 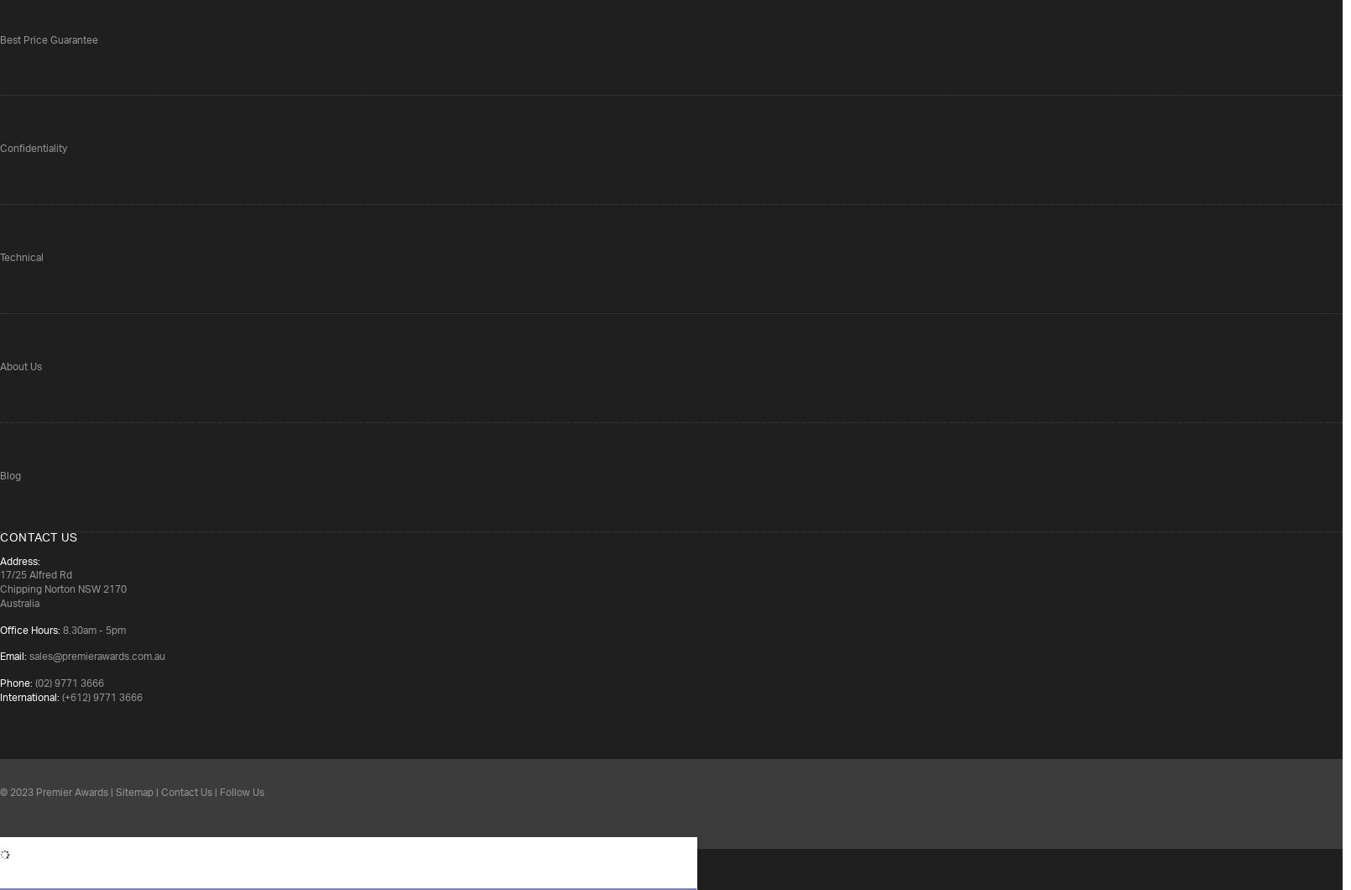 What do you see at coordinates (67, 683) in the screenshot?
I see `'(02) 9771 3666'` at bounding box center [67, 683].